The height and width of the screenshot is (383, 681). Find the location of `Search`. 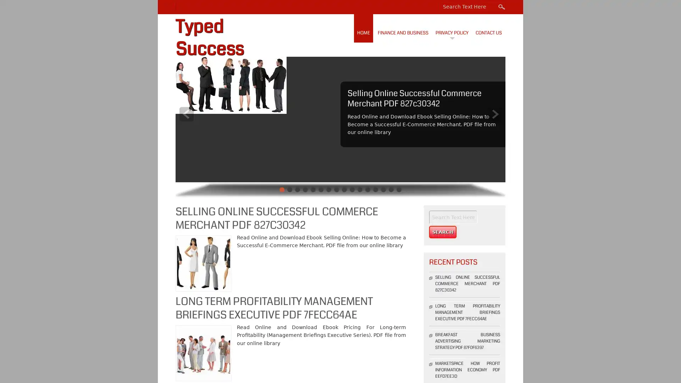

Search is located at coordinates (442, 232).